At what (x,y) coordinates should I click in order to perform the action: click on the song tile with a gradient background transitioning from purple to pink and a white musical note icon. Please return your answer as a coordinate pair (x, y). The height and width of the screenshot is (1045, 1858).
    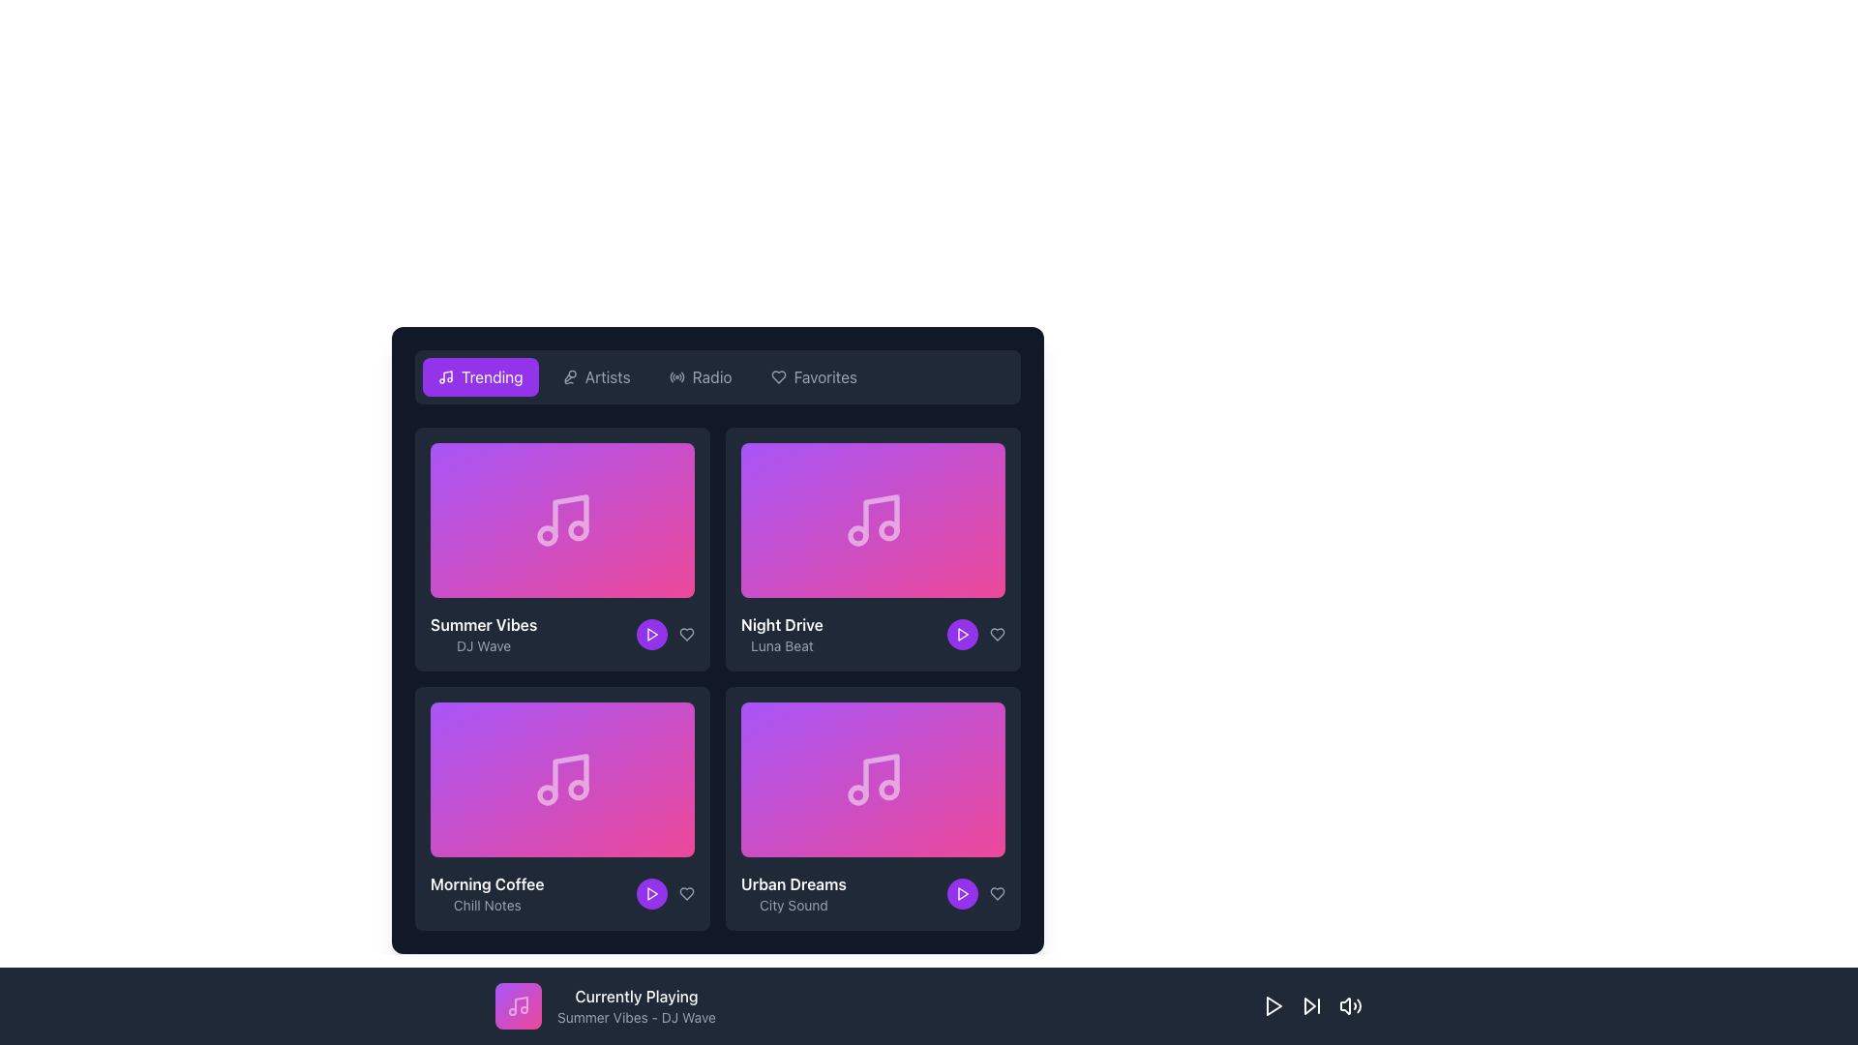
    Looking at the image, I should click on (872, 519).